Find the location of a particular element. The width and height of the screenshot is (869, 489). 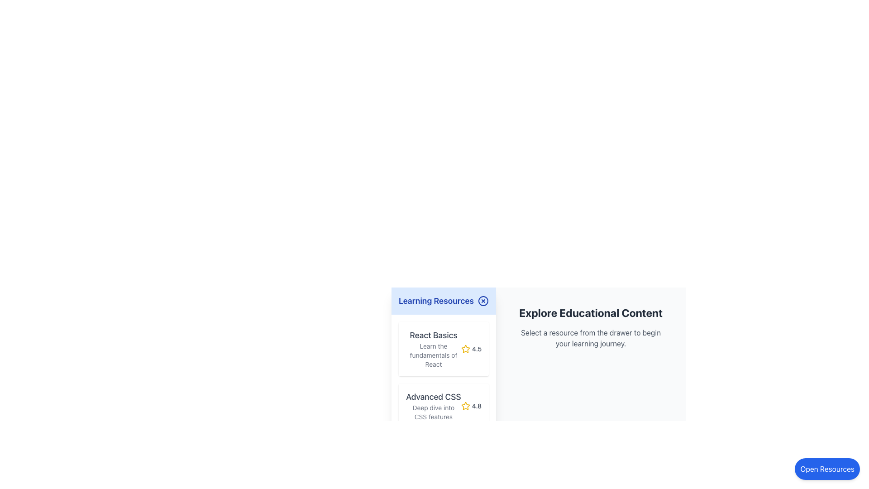

the circular button with a blue border and 'X' symbol located at the top-right corner of the 'Learning Resources' header is located at coordinates (483, 301).